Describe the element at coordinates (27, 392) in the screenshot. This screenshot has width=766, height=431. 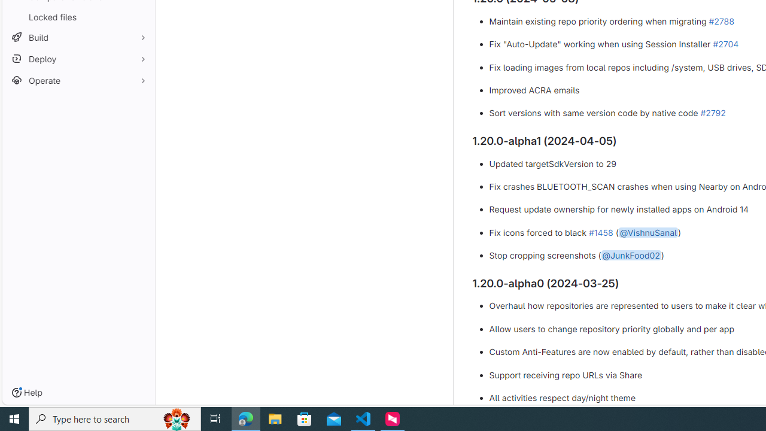
I see `'Help'` at that location.